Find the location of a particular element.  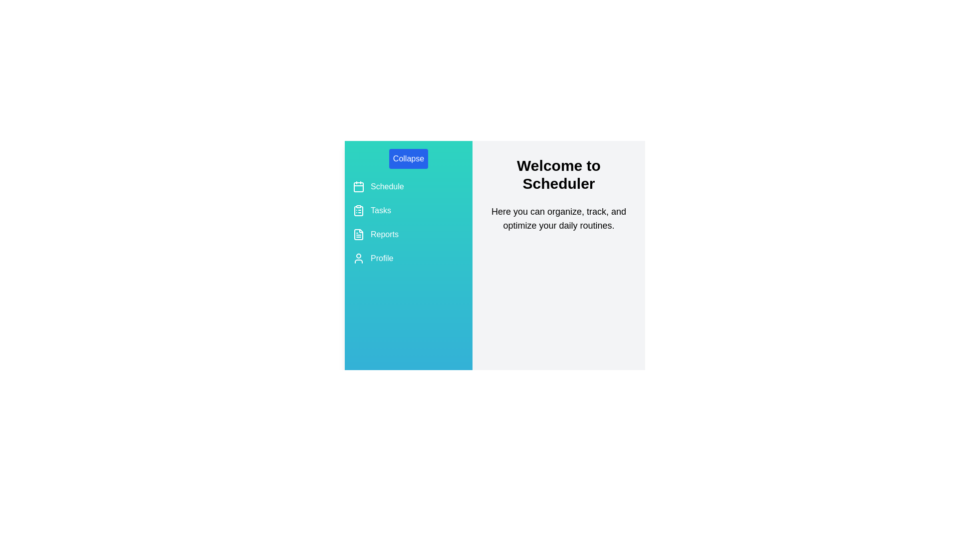

the 'Reports' navigation item is located at coordinates (409, 234).